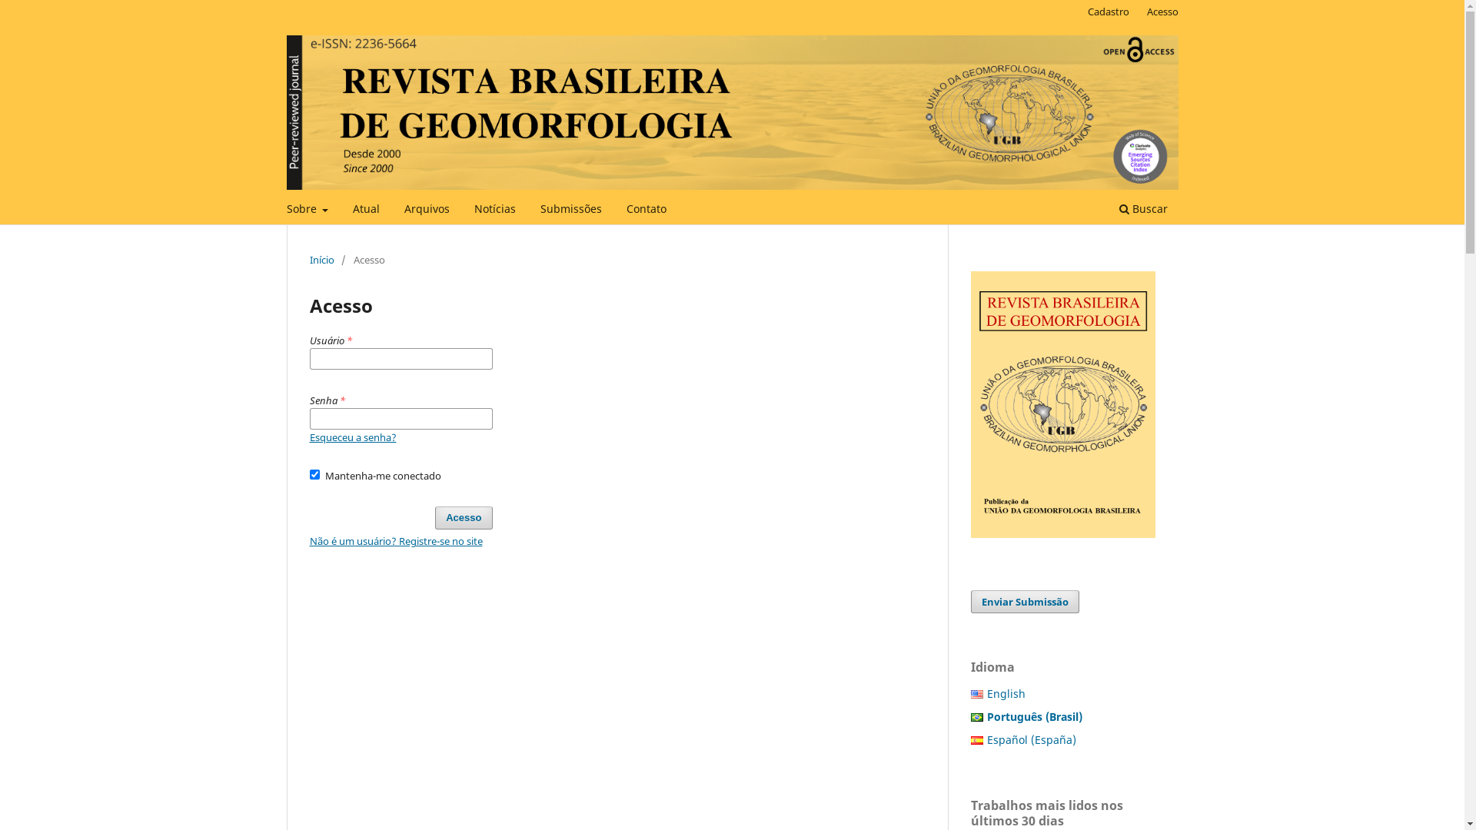 The height and width of the screenshot is (830, 1476). Describe the element at coordinates (1006, 693) in the screenshot. I see `'  English'` at that location.